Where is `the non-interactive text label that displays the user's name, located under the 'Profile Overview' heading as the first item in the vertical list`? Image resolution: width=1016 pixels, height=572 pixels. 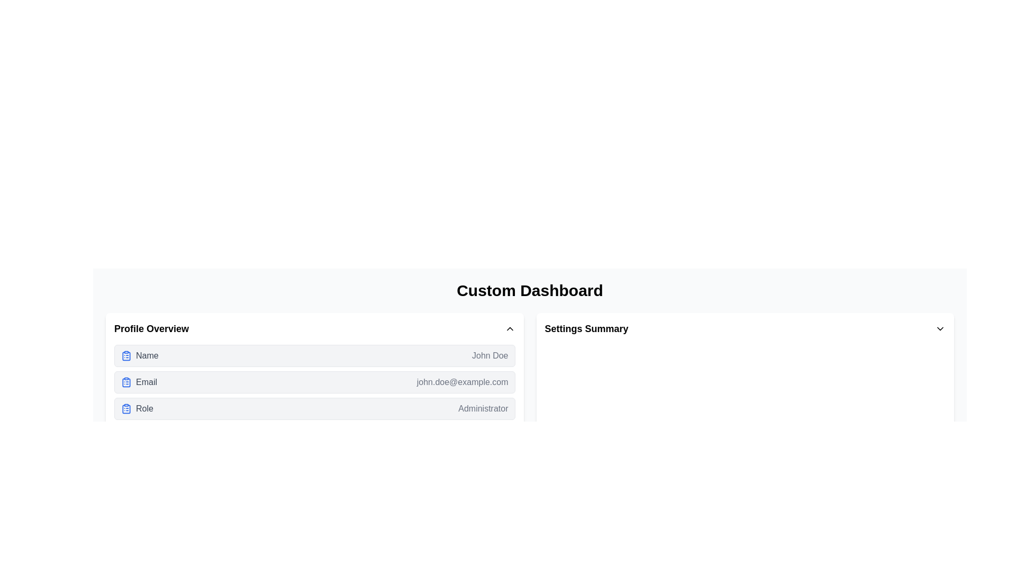
the non-interactive text label that displays the user's name, located under the 'Profile Overview' heading as the first item in the vertical list is located at coordinates (147, 355).